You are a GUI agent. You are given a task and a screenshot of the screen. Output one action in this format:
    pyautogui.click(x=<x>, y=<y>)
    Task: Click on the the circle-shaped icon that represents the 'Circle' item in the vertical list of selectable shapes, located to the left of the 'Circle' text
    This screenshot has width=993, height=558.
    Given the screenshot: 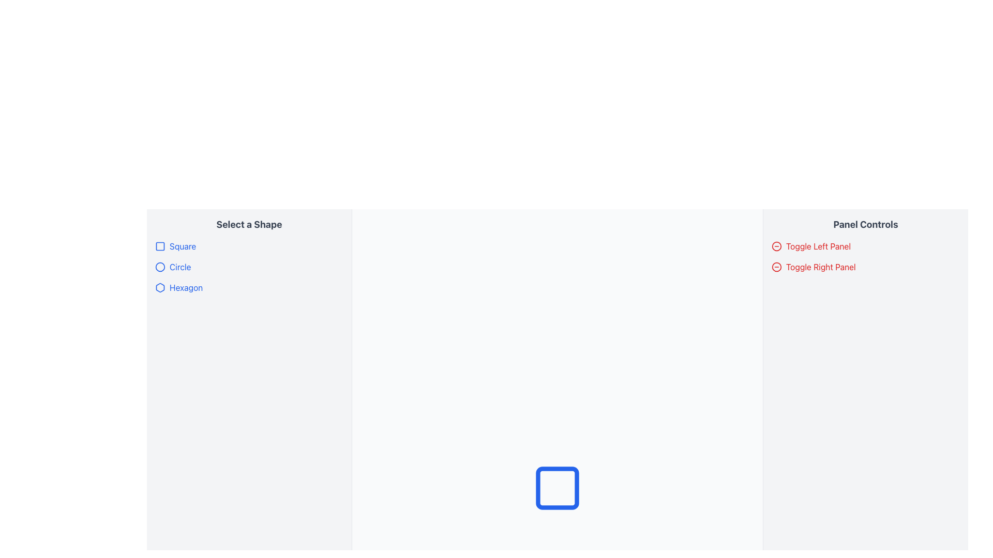 What is the action you would take?
    pyautogui.click(x=160, y=266)
    